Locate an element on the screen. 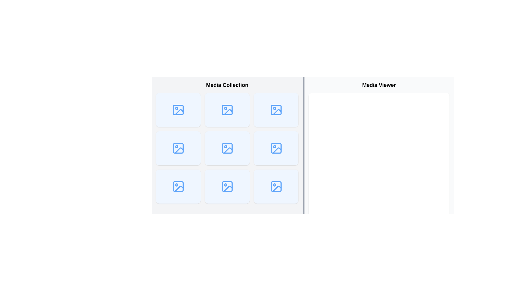 The height and width of the screenshot is (287, 511). the graphical icon resembling an image with a mountain and sun motif, which is styled with a blue outline and located is located at coordinates (227, 148).